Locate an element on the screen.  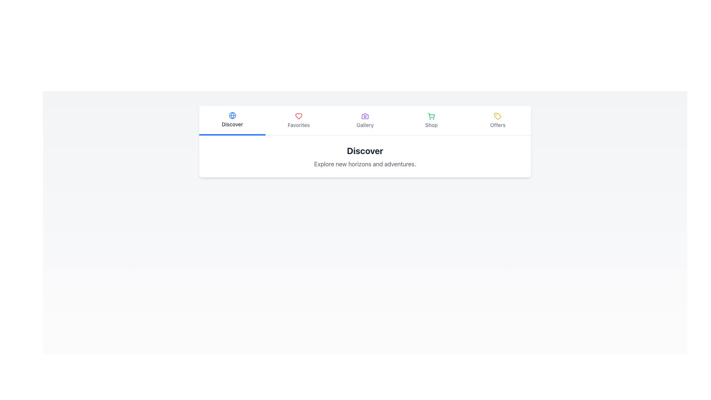
the heart-shaped icon in the navigation bar is located at coordinates (298, 116).